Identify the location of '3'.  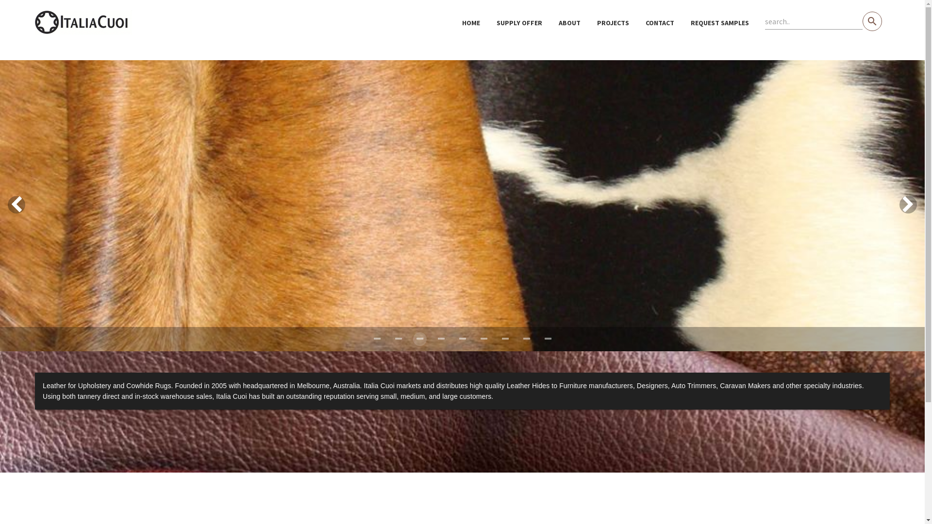
(440, 338).